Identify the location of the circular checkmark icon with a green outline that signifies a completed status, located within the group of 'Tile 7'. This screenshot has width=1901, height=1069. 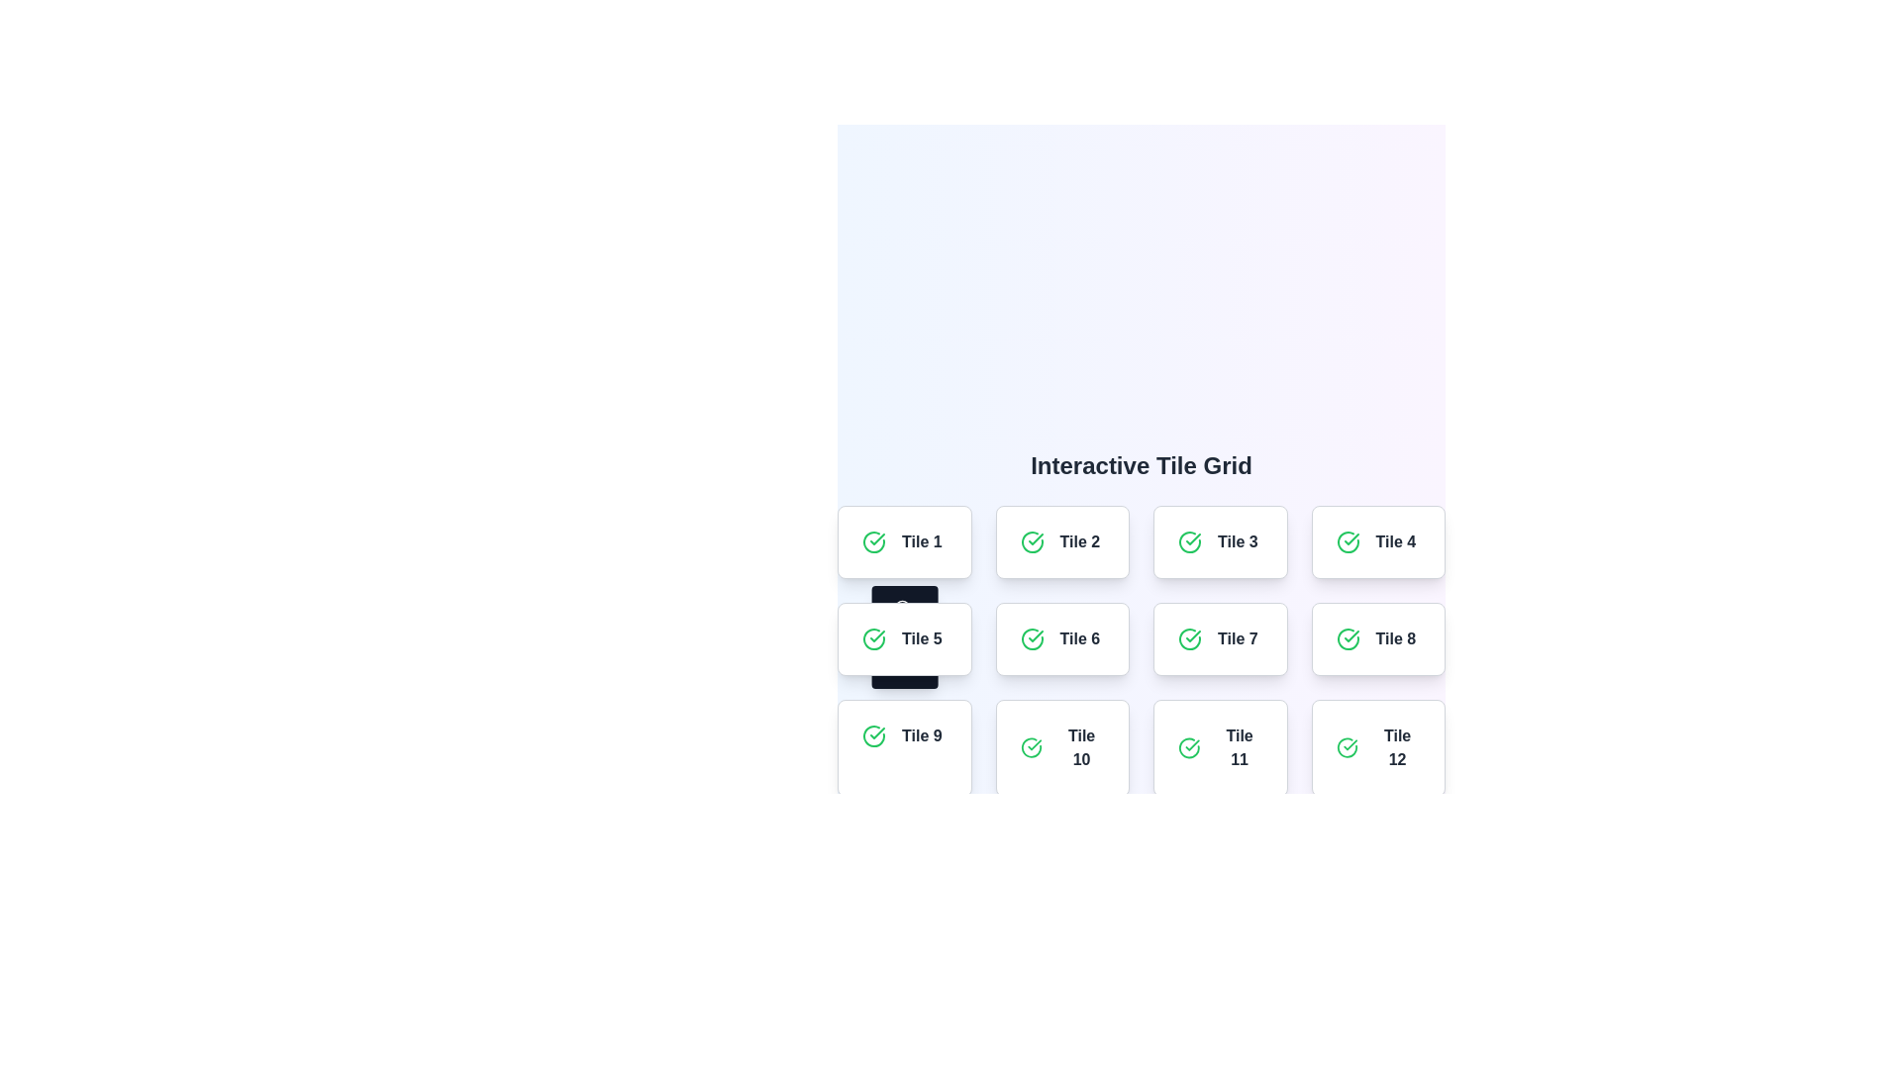
(1188, 638).